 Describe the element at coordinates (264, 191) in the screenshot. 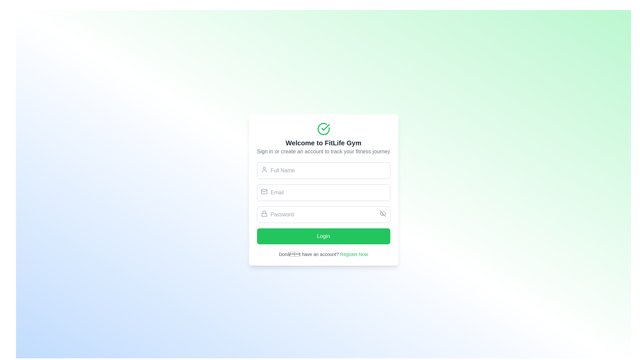

I see `the envelope icon located inside the email input field, which is positioned to the far left and aligns with the label 'Email'` at that location.